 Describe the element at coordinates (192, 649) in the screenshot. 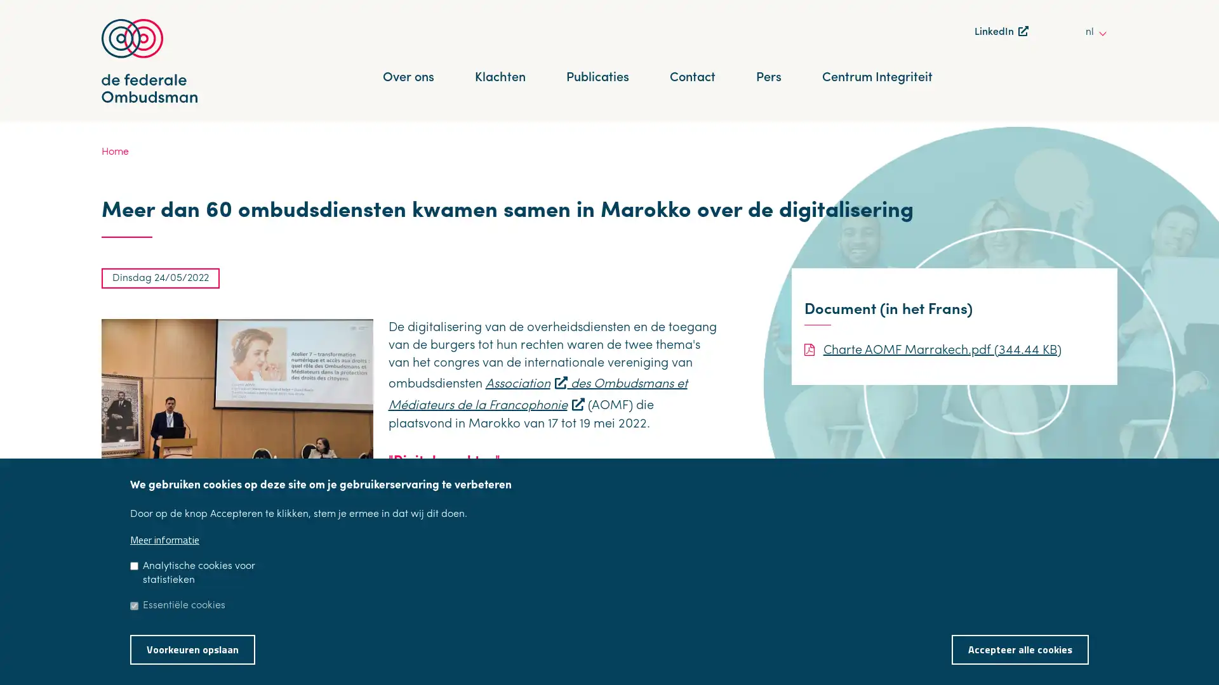

I see `Voorkeuren opslaan` at that location.